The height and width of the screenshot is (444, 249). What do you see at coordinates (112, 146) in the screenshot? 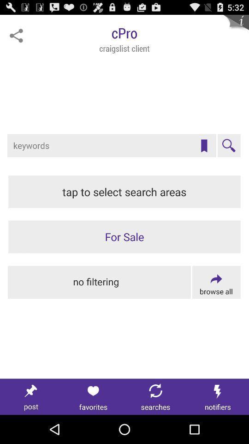
I see `search by keywords` at bounding box center [112, 146].